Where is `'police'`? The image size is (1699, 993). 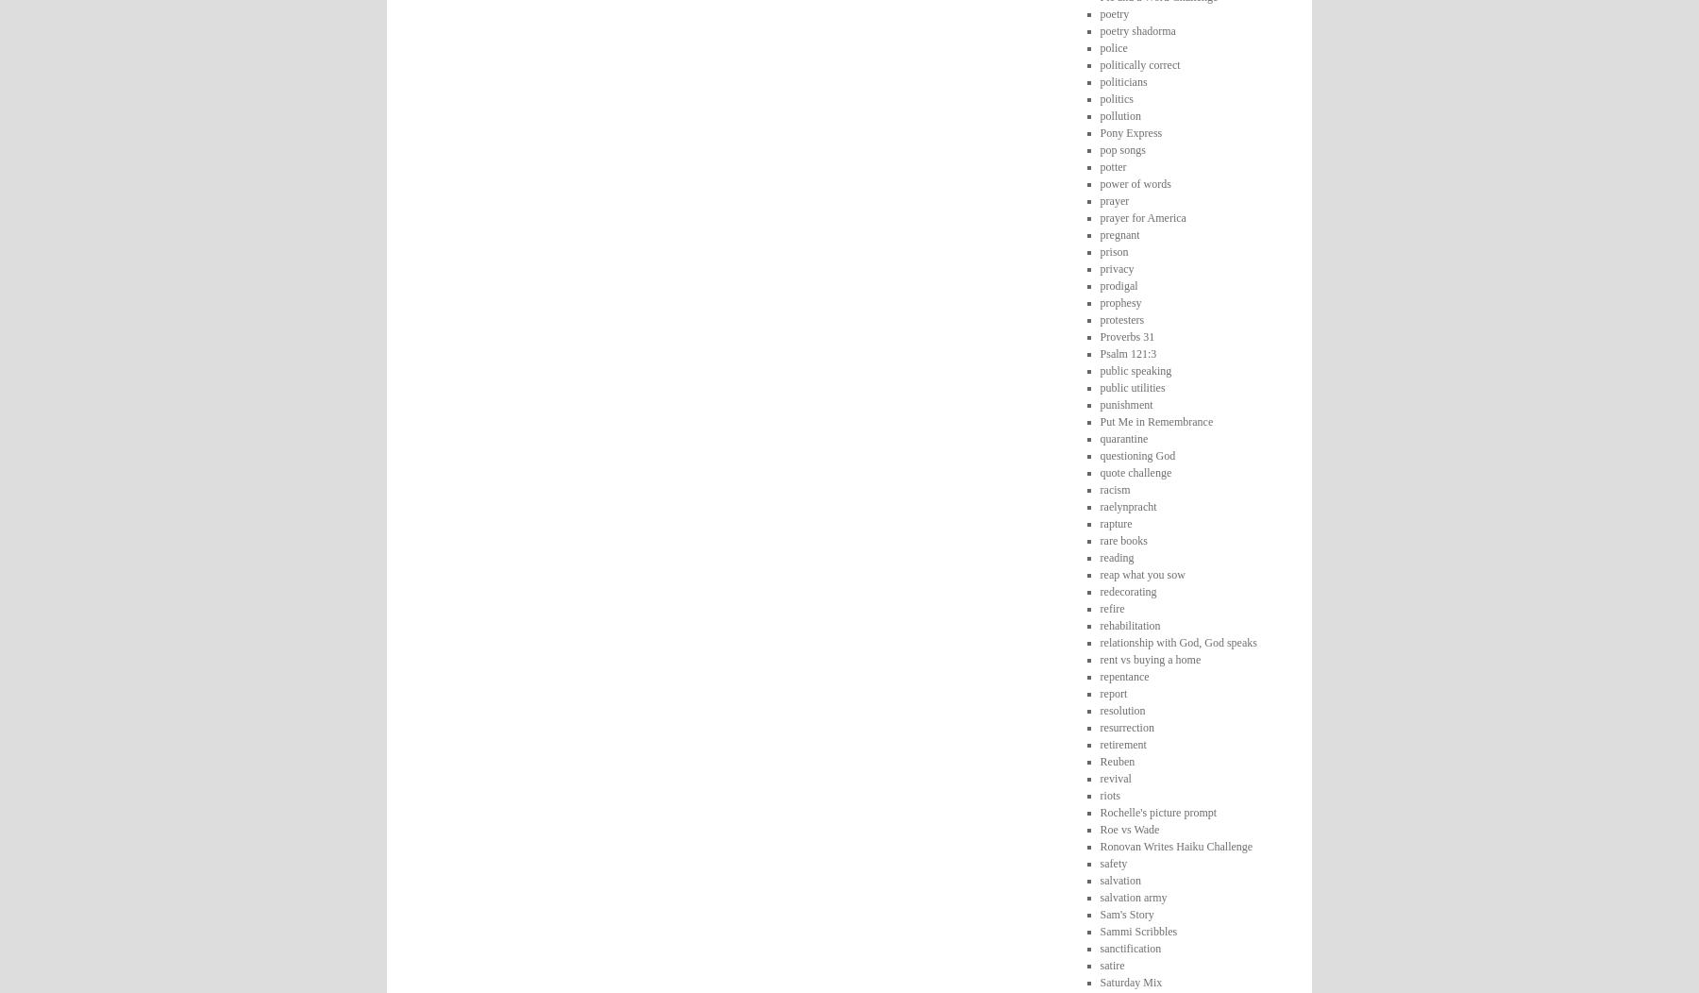 'police' is located at coordinates (1112, 45).